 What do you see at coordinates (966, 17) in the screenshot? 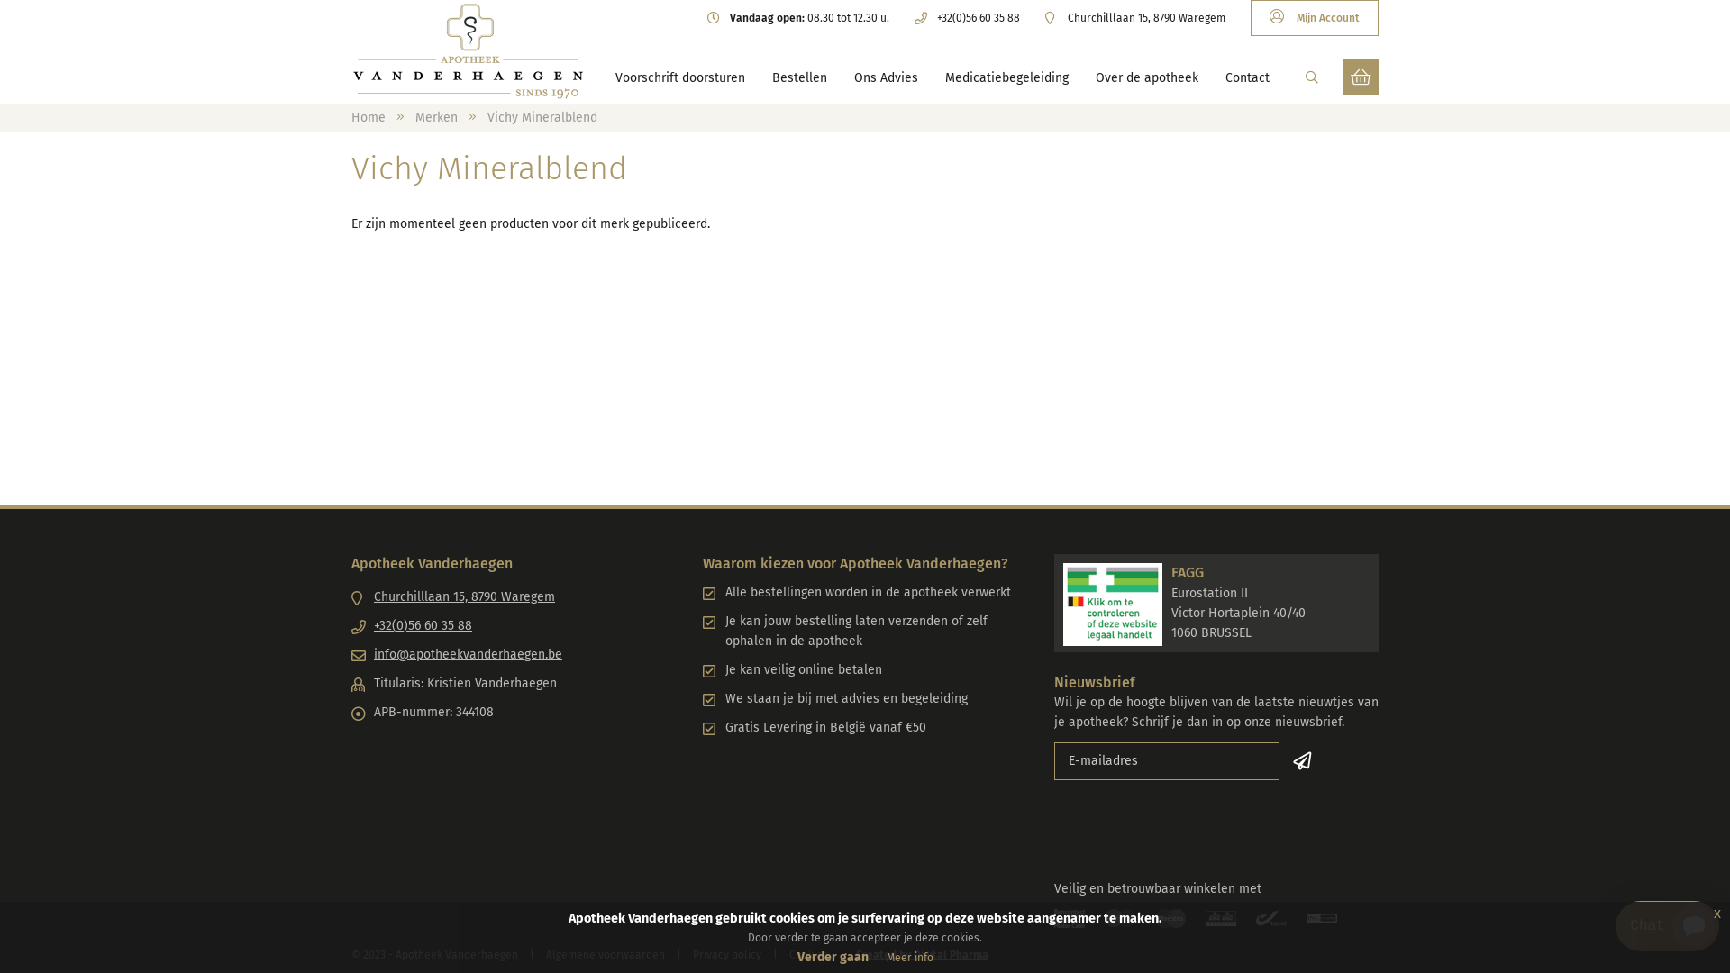
I see `'+32(0)56 60 35 88'` at bounding box center [966, 17].